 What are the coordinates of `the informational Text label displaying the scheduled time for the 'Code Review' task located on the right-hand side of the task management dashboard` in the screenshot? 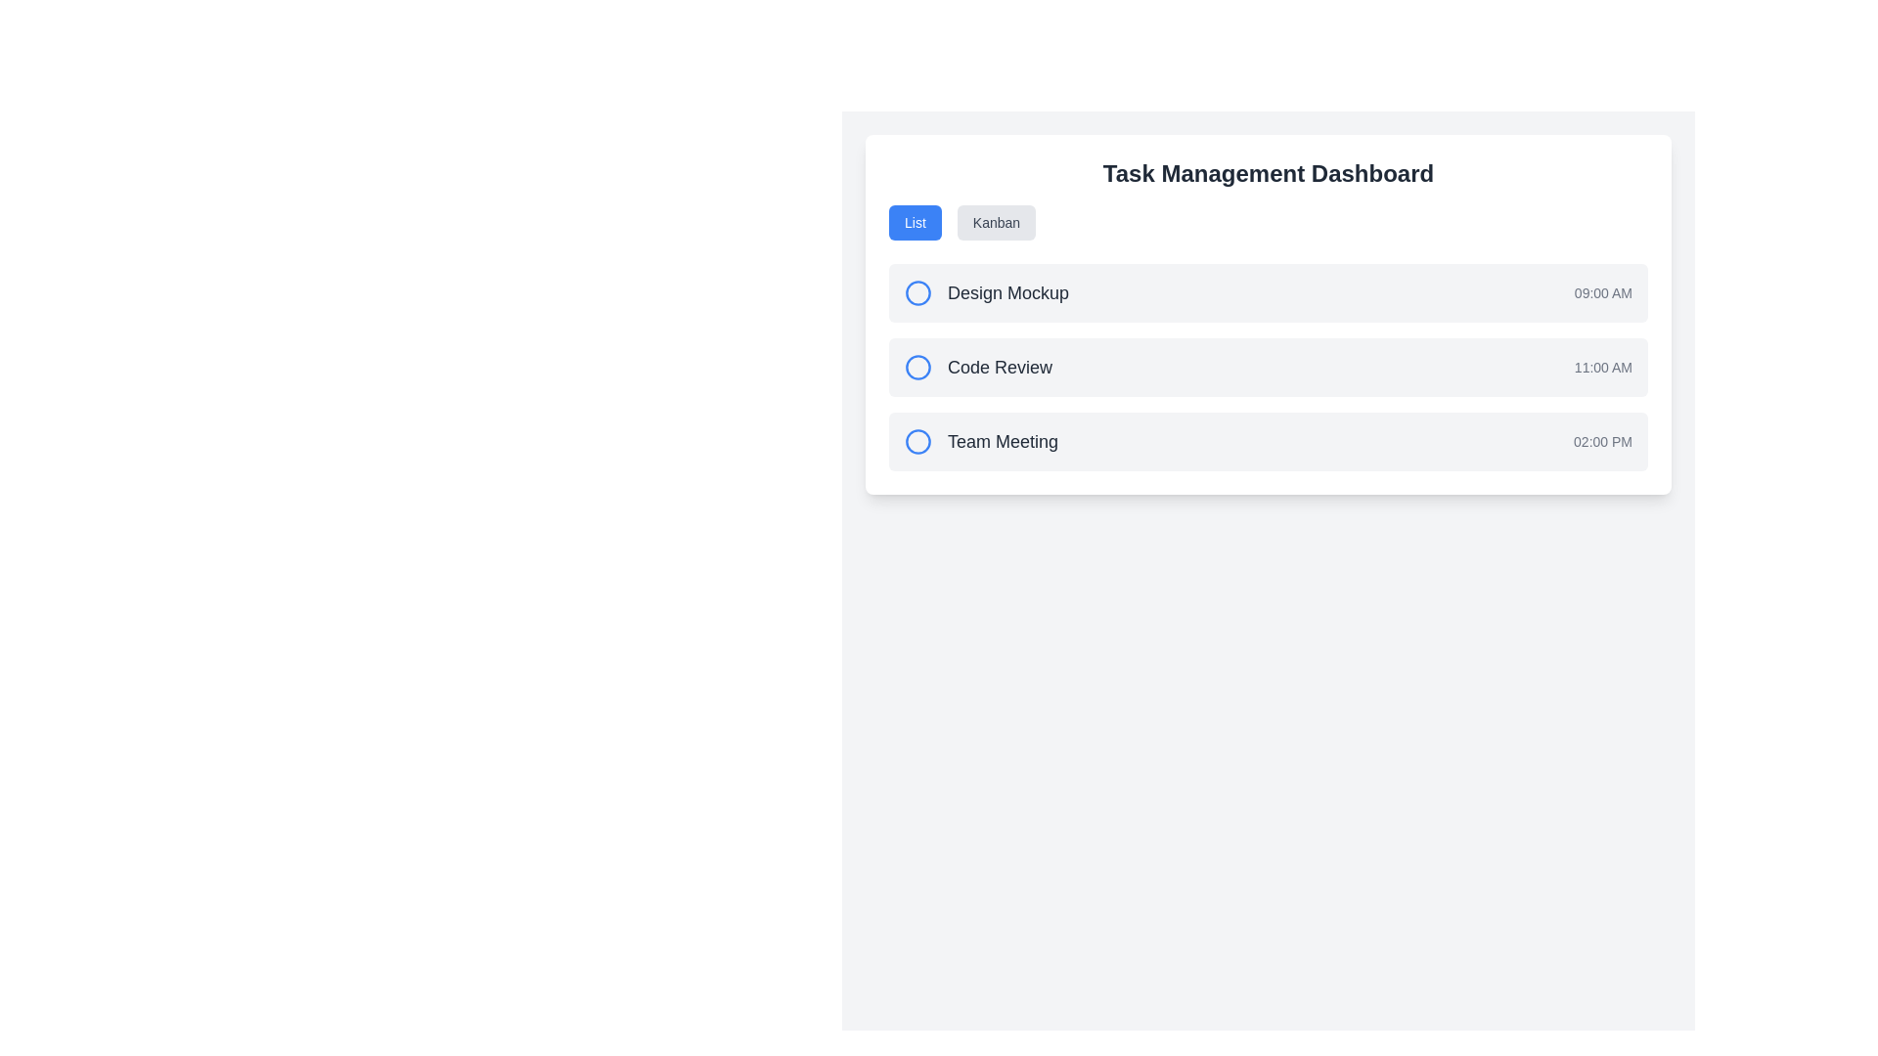 It's located at (1603, 367).